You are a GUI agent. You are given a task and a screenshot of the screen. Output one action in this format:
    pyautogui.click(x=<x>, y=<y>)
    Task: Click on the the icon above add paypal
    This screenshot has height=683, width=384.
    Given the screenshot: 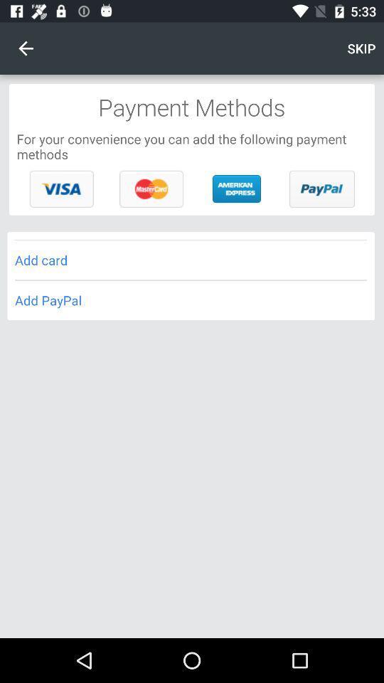 What is the action you would take?
    pyautogui.click(x=191, y=259)
    